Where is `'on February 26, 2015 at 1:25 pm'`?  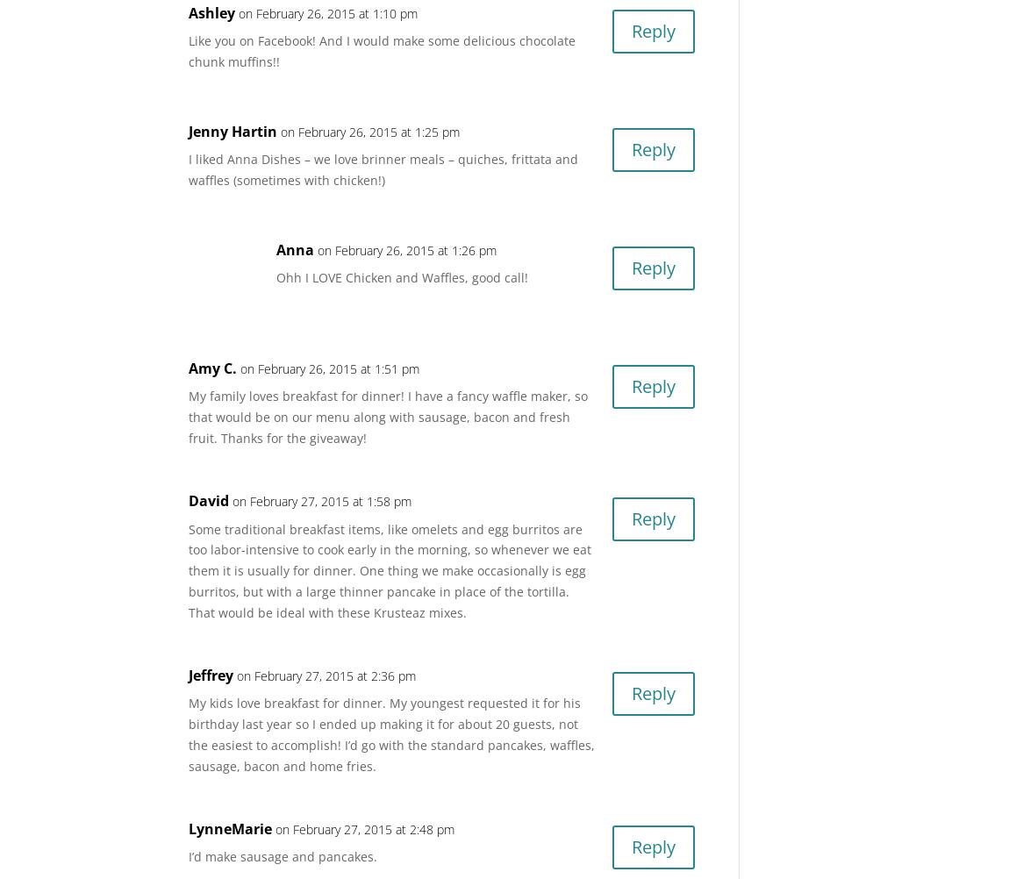
'on February 26, 2015 at 1:25 pm' is located at coordinates (370, 130).